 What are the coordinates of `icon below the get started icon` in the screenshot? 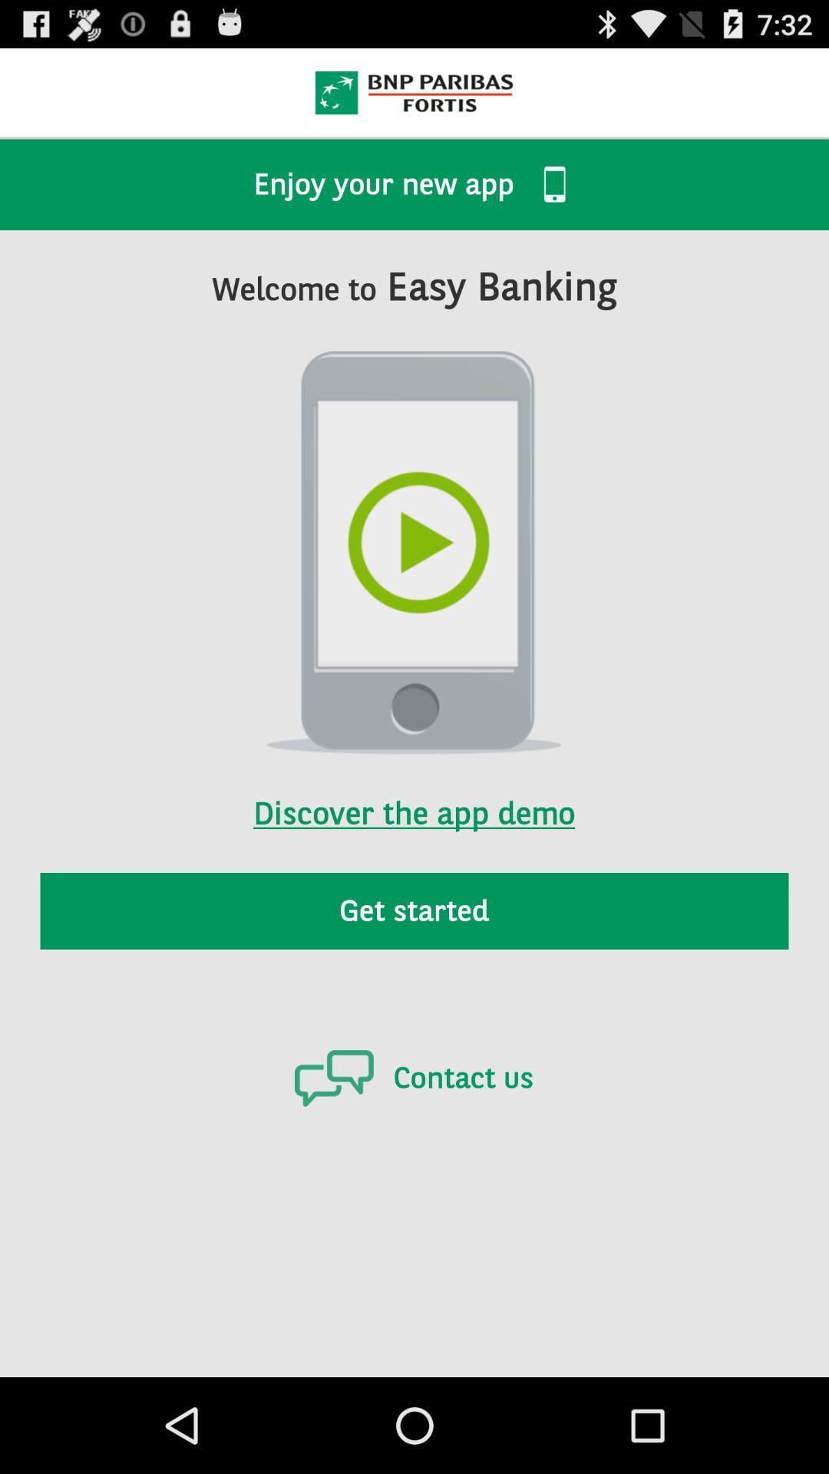 It's located at (413, 1077).